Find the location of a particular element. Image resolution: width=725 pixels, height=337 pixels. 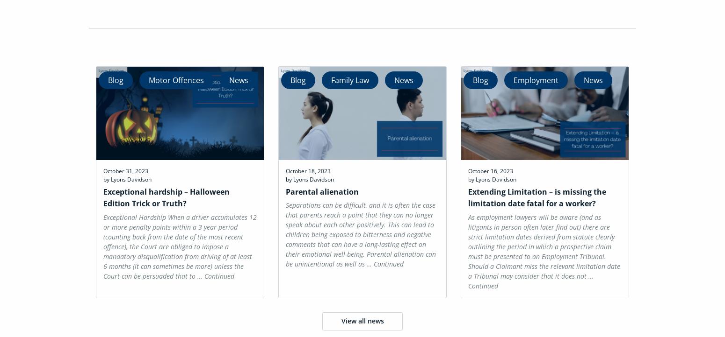

'Employment' is located at coordinates (535, 79).